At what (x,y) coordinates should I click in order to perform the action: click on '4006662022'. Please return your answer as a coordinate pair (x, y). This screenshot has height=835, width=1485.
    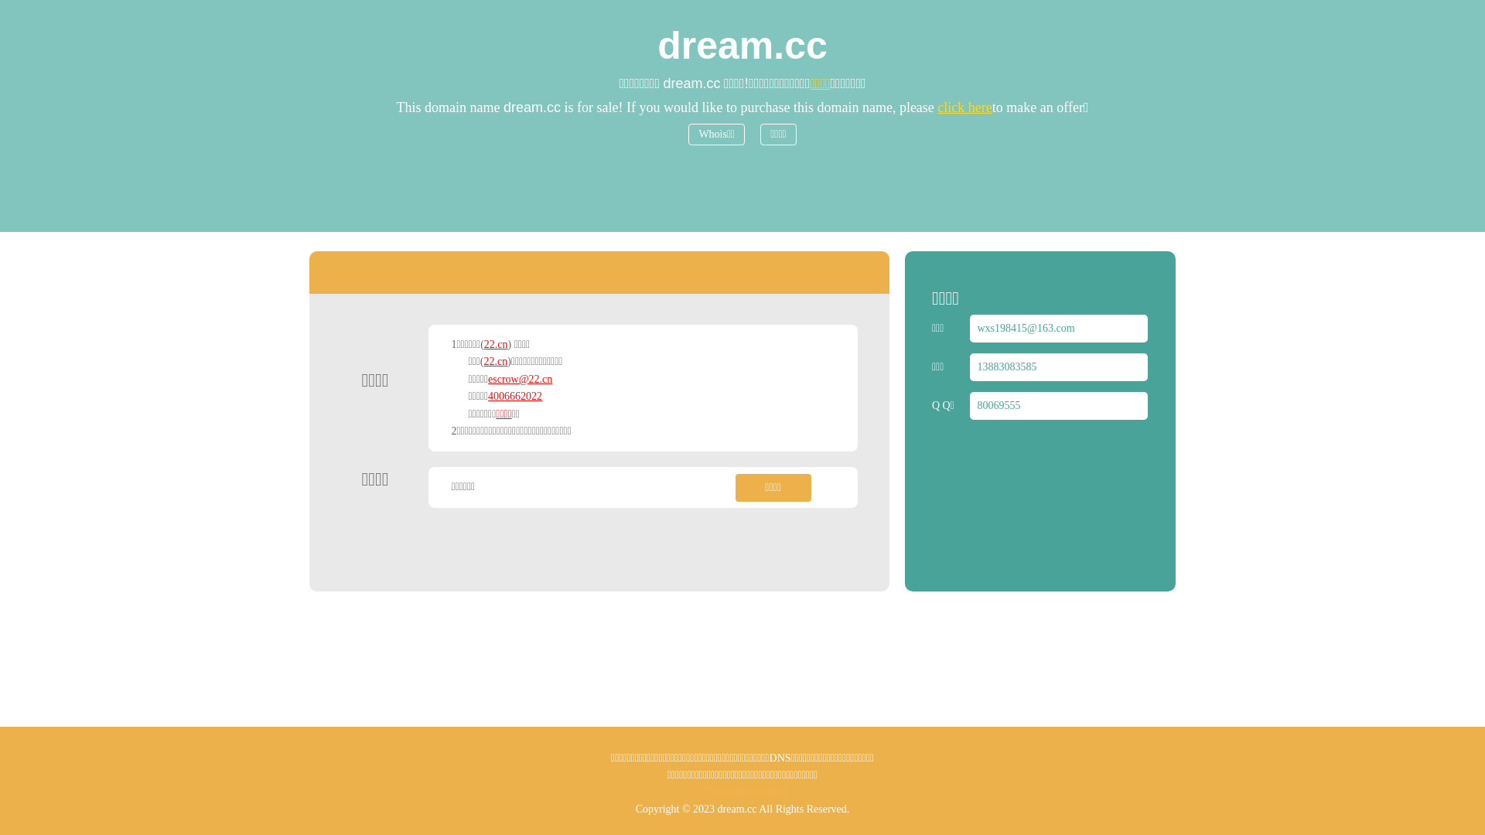
    Looking at the image, I should click on (515, 395).